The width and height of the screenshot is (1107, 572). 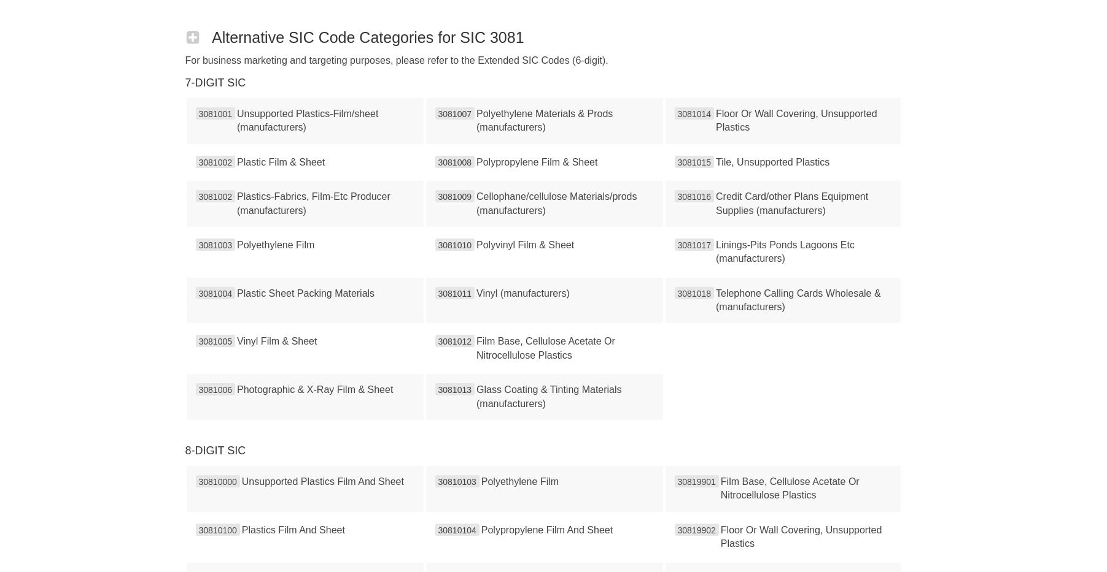 What do you see at coordinates (694, 196) in the screenshot?
I see `'3081016'` at bounding box center [694, 196].